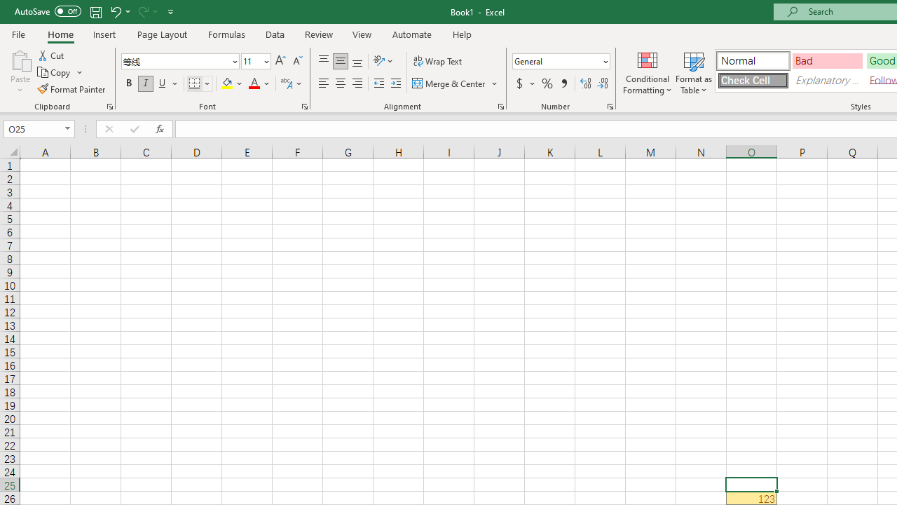  What do you see at coordinates (547, 83) in the screenshot?
I see `'Percent Style'` at bounding box center [547, 83].